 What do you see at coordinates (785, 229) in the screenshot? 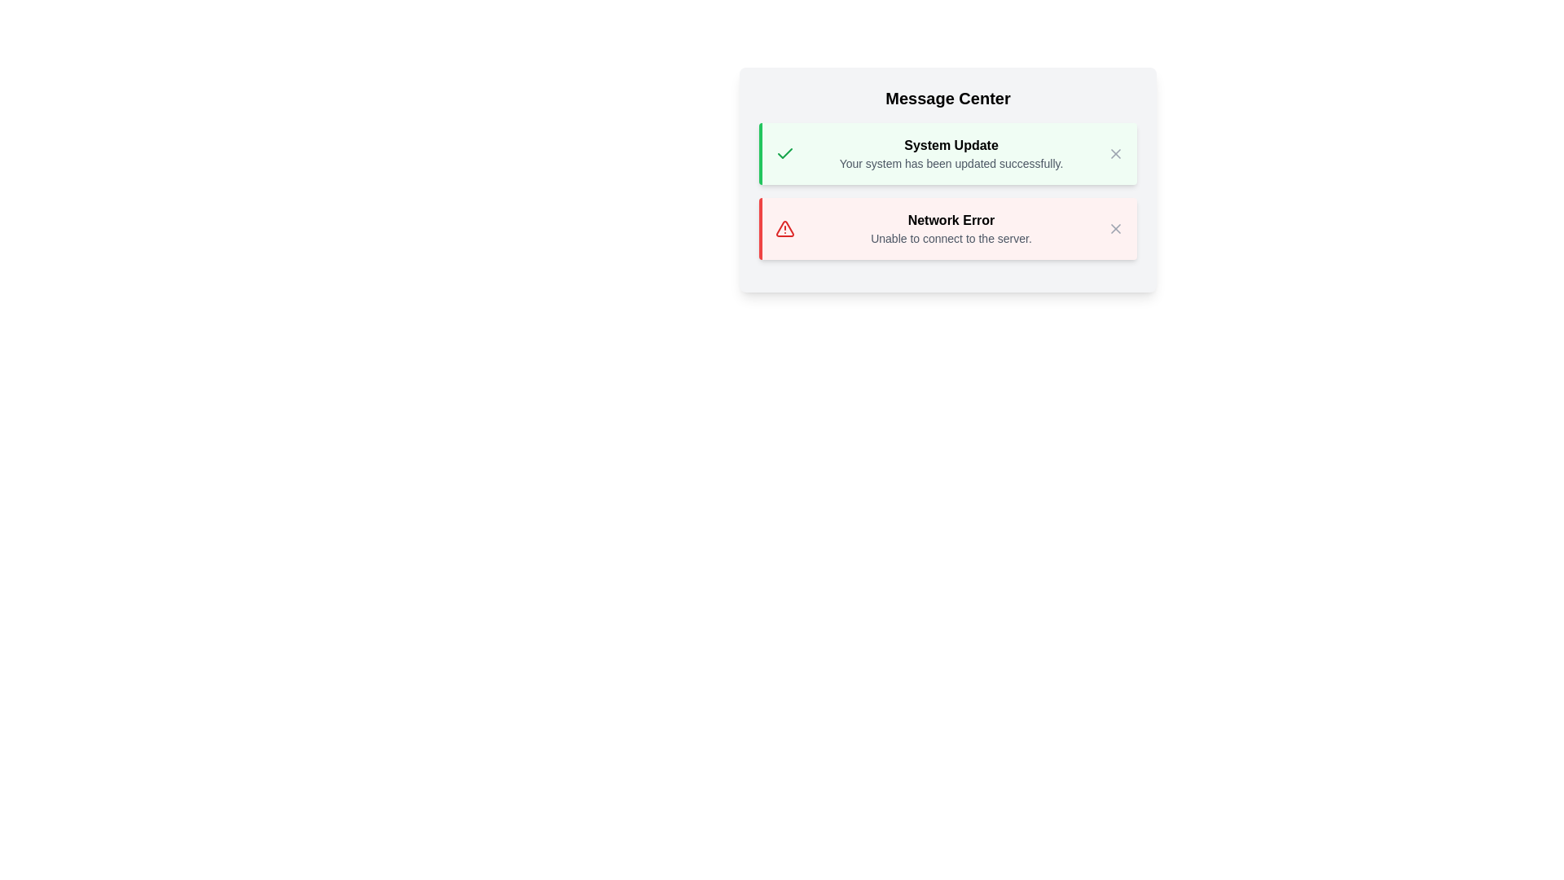
I see `the visual indicator icon next to the 'Network Error' message` at bounding box center [785, 229].